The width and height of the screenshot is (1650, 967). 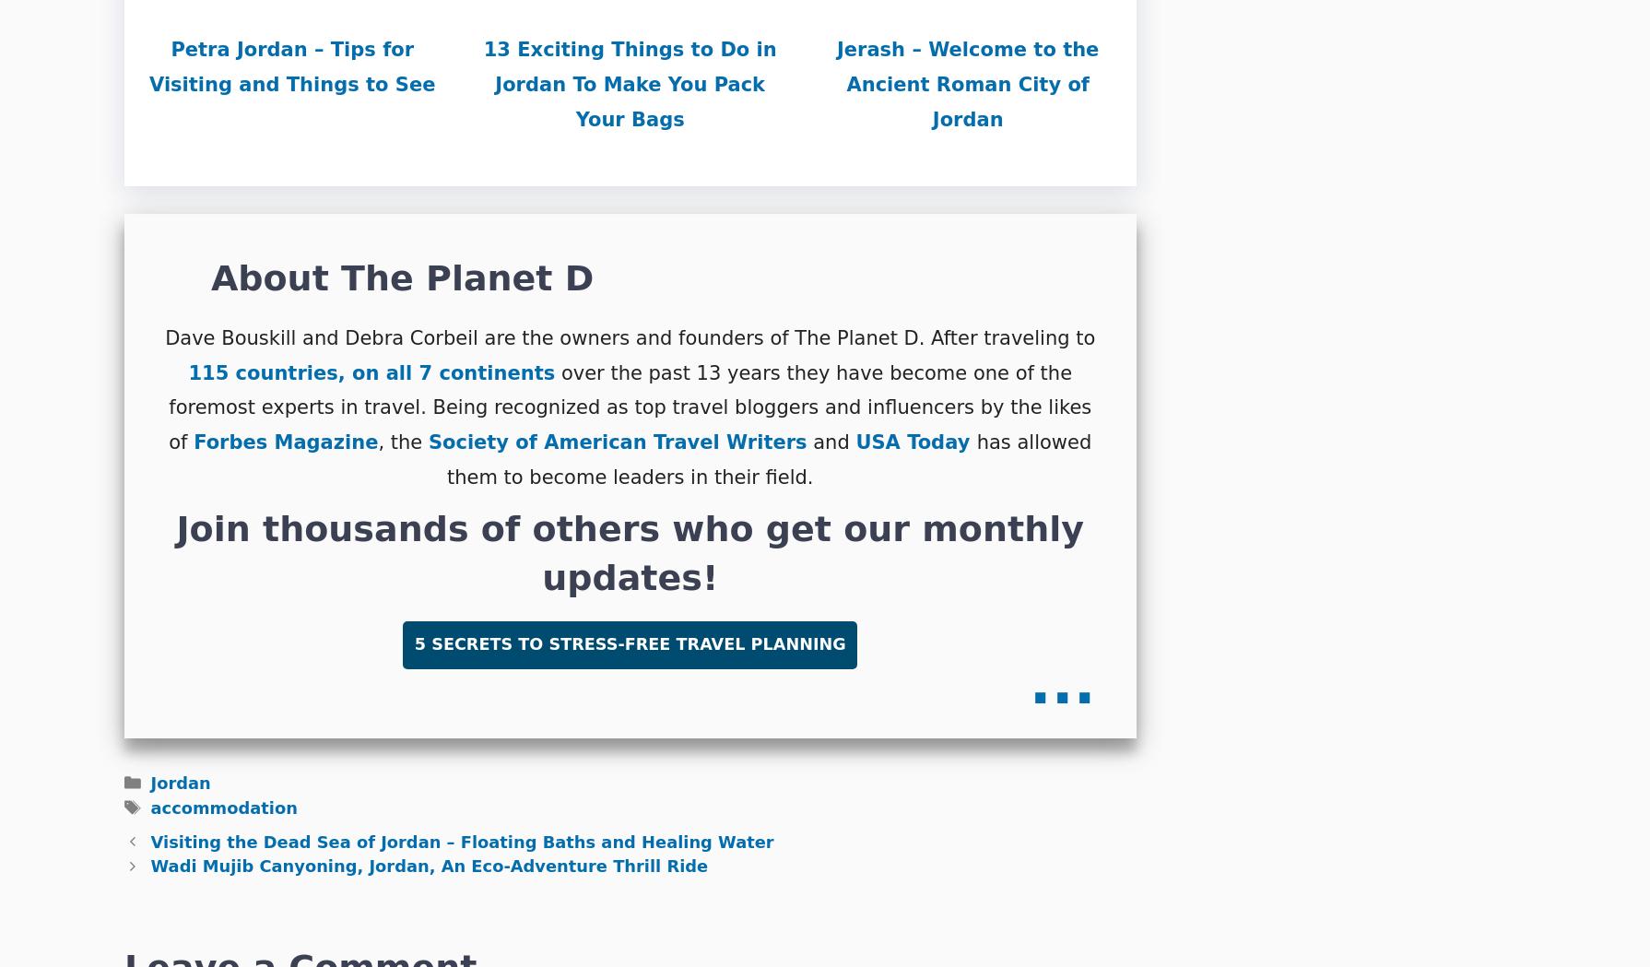 What do you see at coordinates (371, 371) in the screenshot?
I see `'115 countries, on all 7 continents'` at bounding box center [371, 371].